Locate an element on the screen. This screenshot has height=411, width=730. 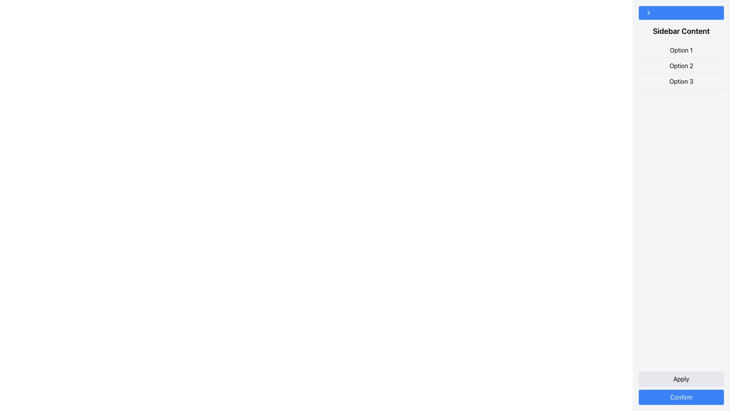
the 'Option 3' text label, which is the last option in a vertically stacked list of three options in the sidebar is located at coordinates (681, 81).